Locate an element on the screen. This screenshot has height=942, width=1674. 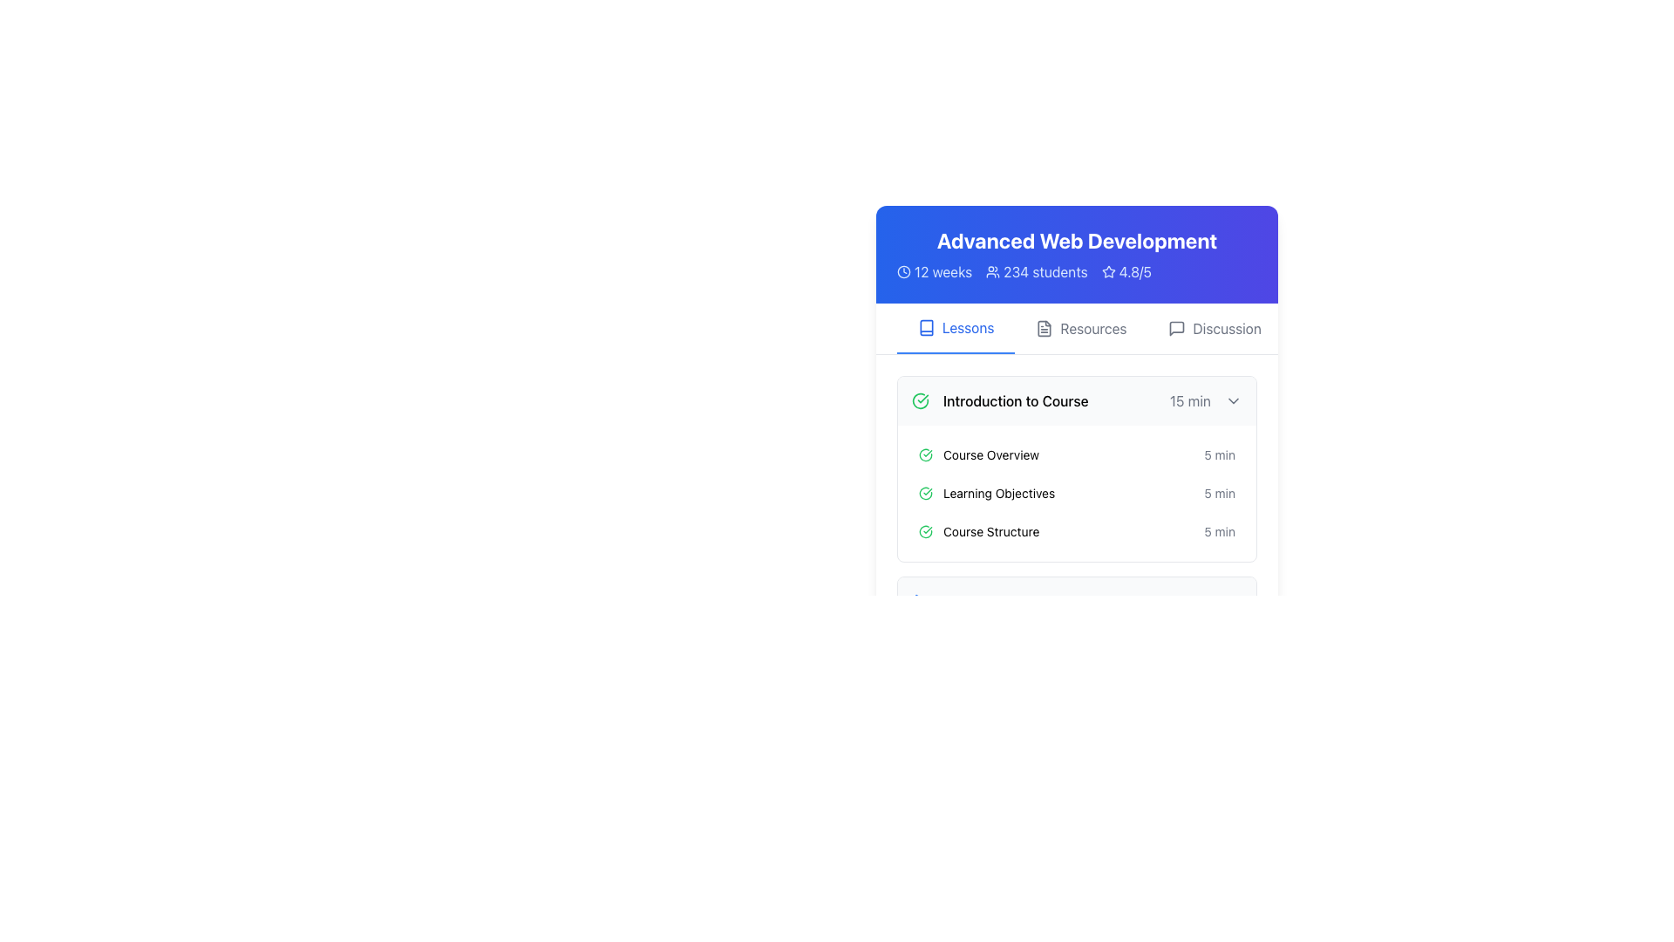
text content of the 'Course Overview' label located under the 'Introduction to Course' header in the 'Advanced Web Development' course interface is located at coordinates (991, 454).